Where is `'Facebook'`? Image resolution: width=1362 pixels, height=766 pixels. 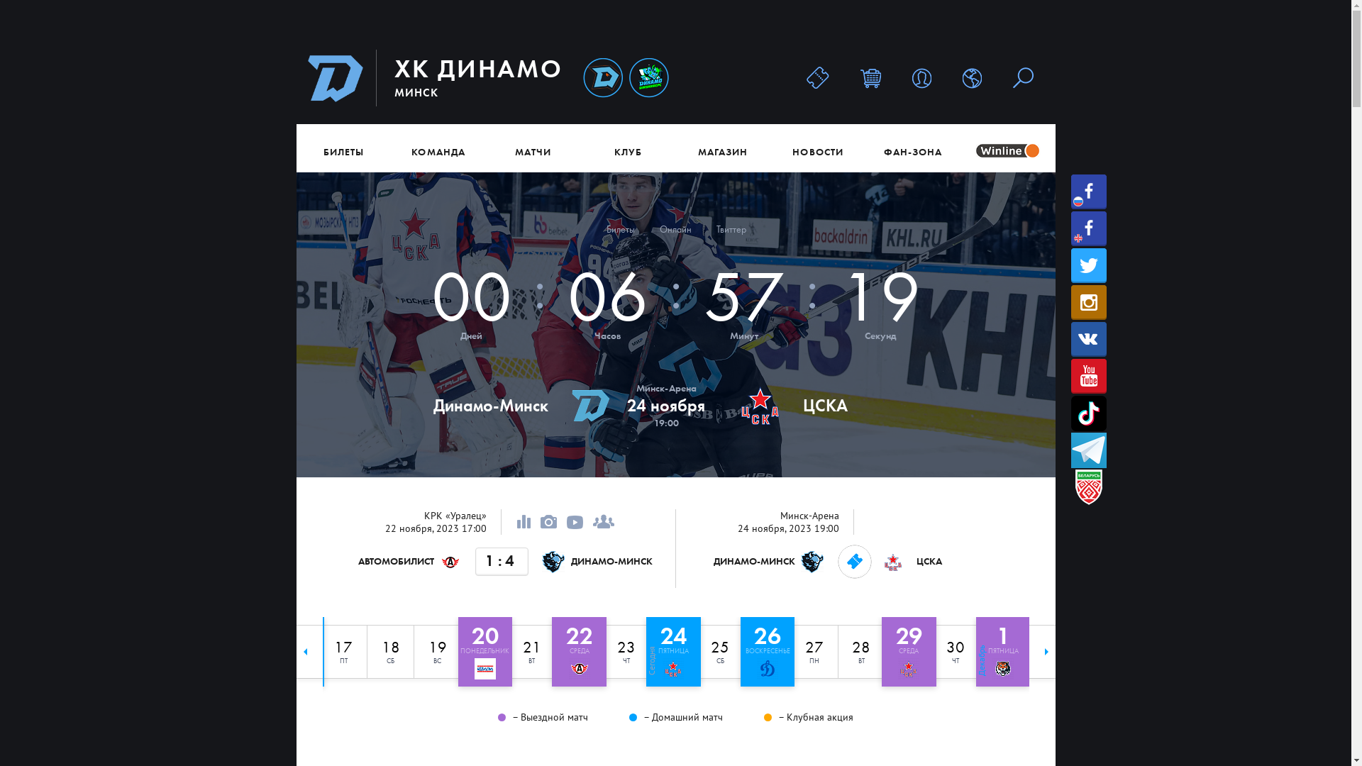 'Facebook' is located at coordinates (1088, 228).